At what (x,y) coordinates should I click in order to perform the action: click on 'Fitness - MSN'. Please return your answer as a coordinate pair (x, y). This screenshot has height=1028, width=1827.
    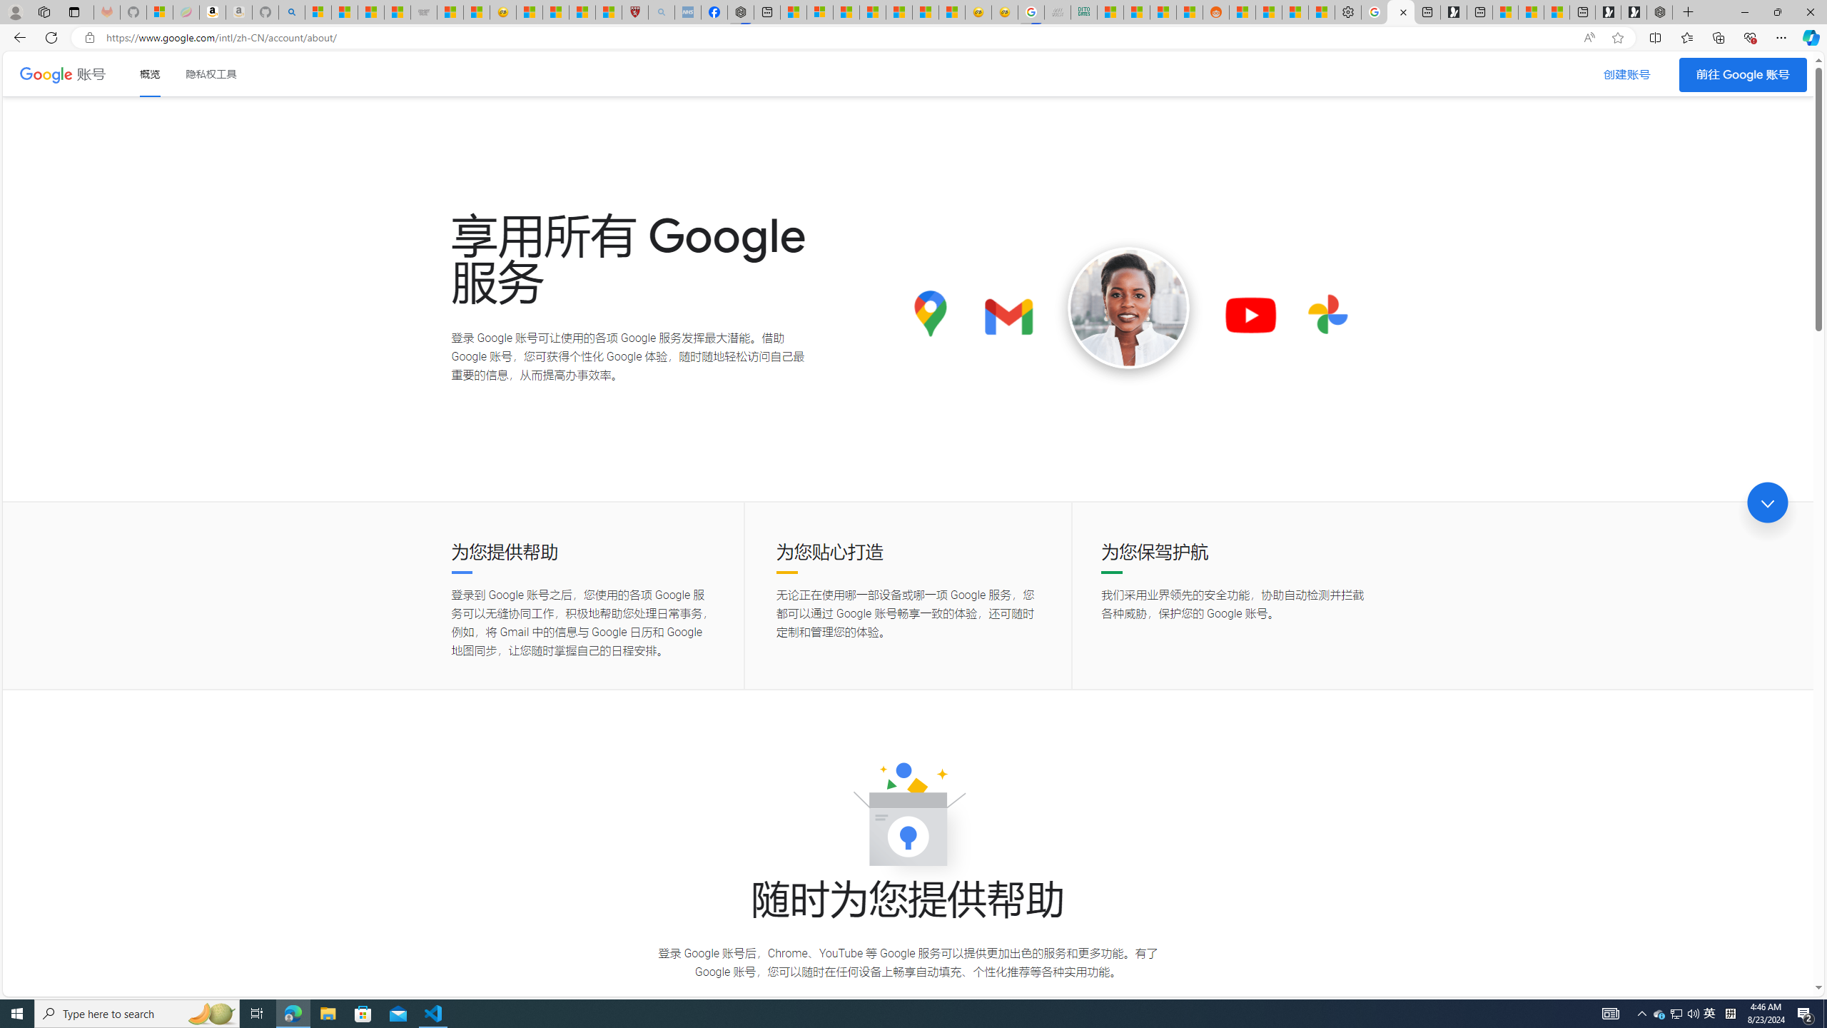
    Looking at the image, I should click on (899, 11).